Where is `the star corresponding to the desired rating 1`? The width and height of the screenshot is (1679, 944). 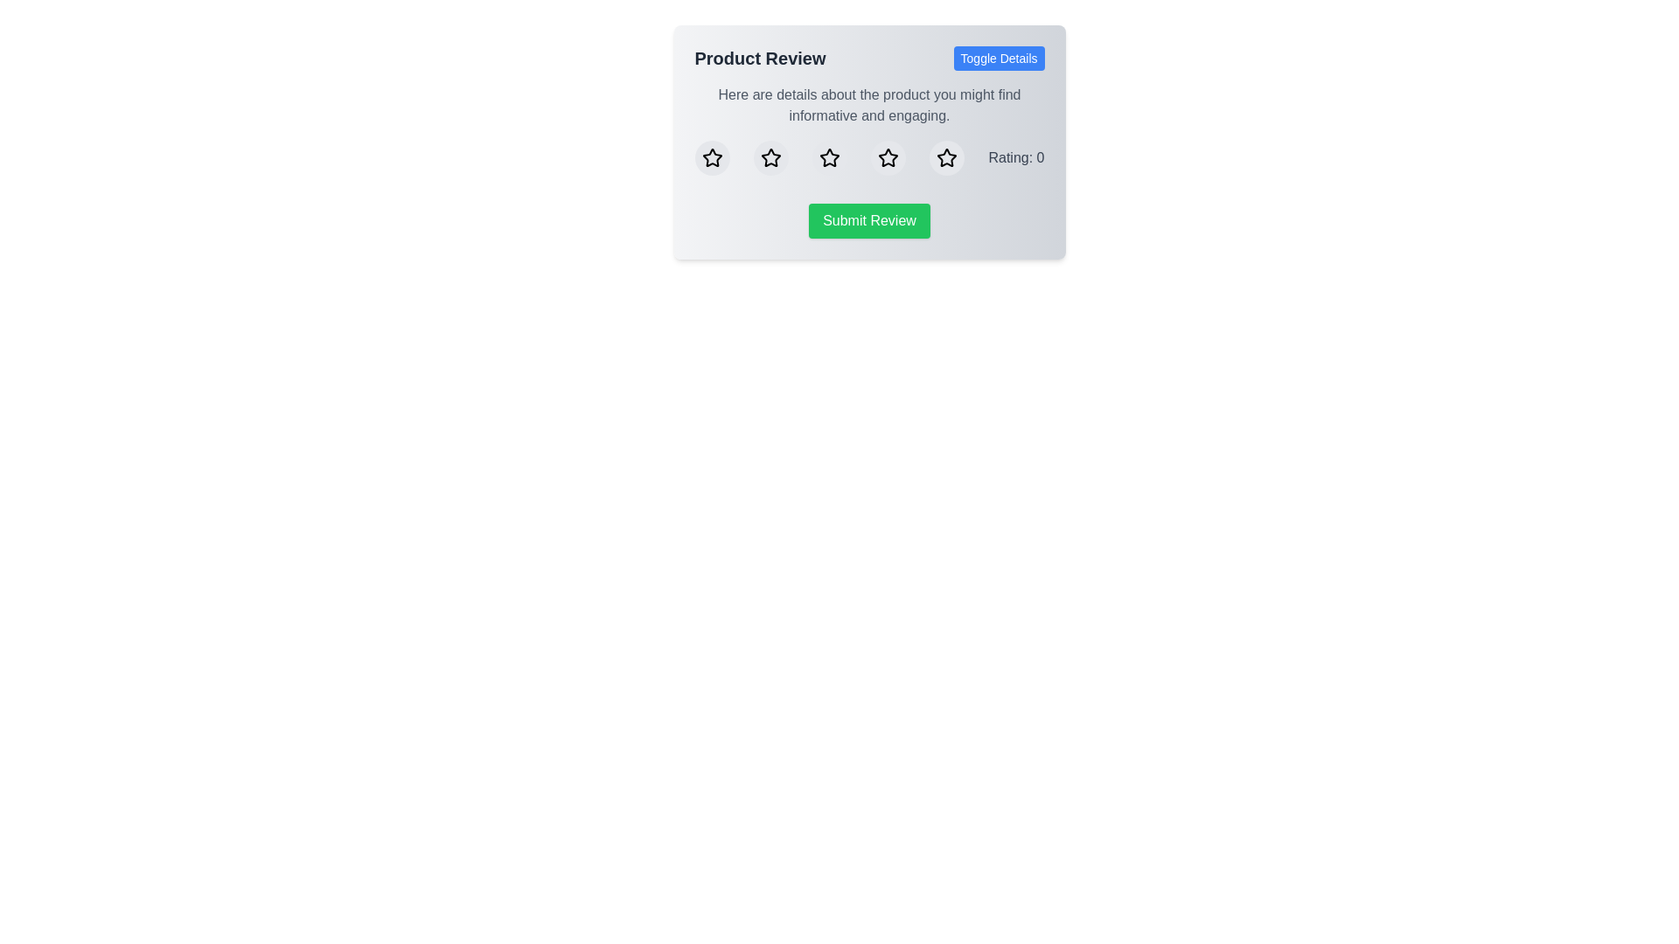
the star corresponding to the desired rating 1 is located at coordinates (712, 158).